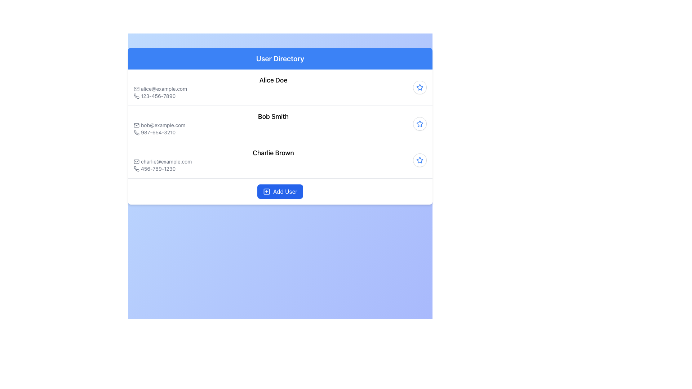  Describe the element at coordinates (137, 88) in the screenshot. I see `the envelope icon located in the first row of the user directory adjacent to the email address 'alice@example.com'` at that location.